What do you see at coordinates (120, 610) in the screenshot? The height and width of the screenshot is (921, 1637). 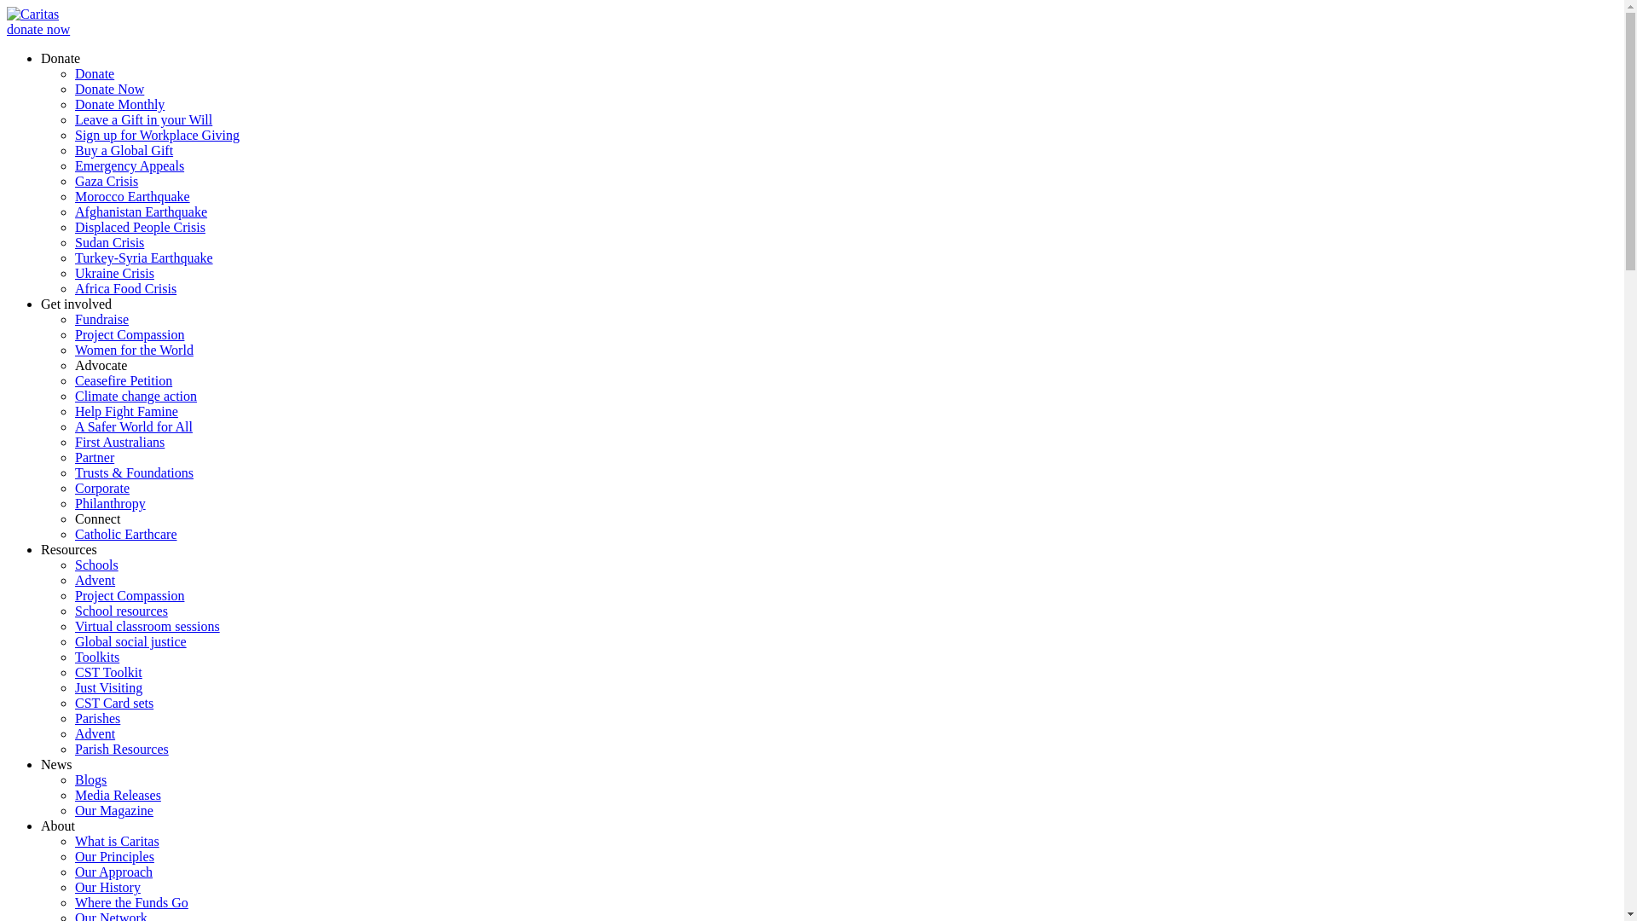 I see `'School resources'` at bounding box center [120, 610].